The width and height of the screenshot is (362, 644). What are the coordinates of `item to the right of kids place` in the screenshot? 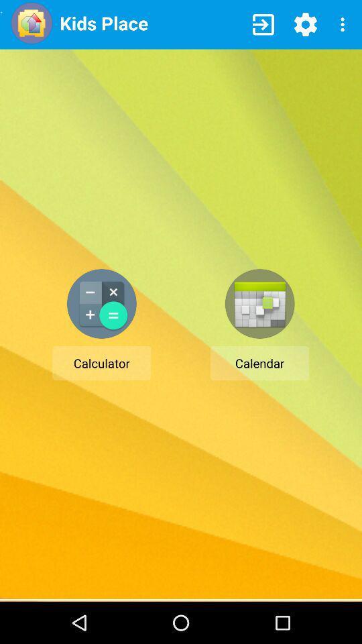 It's located at (263, 23).